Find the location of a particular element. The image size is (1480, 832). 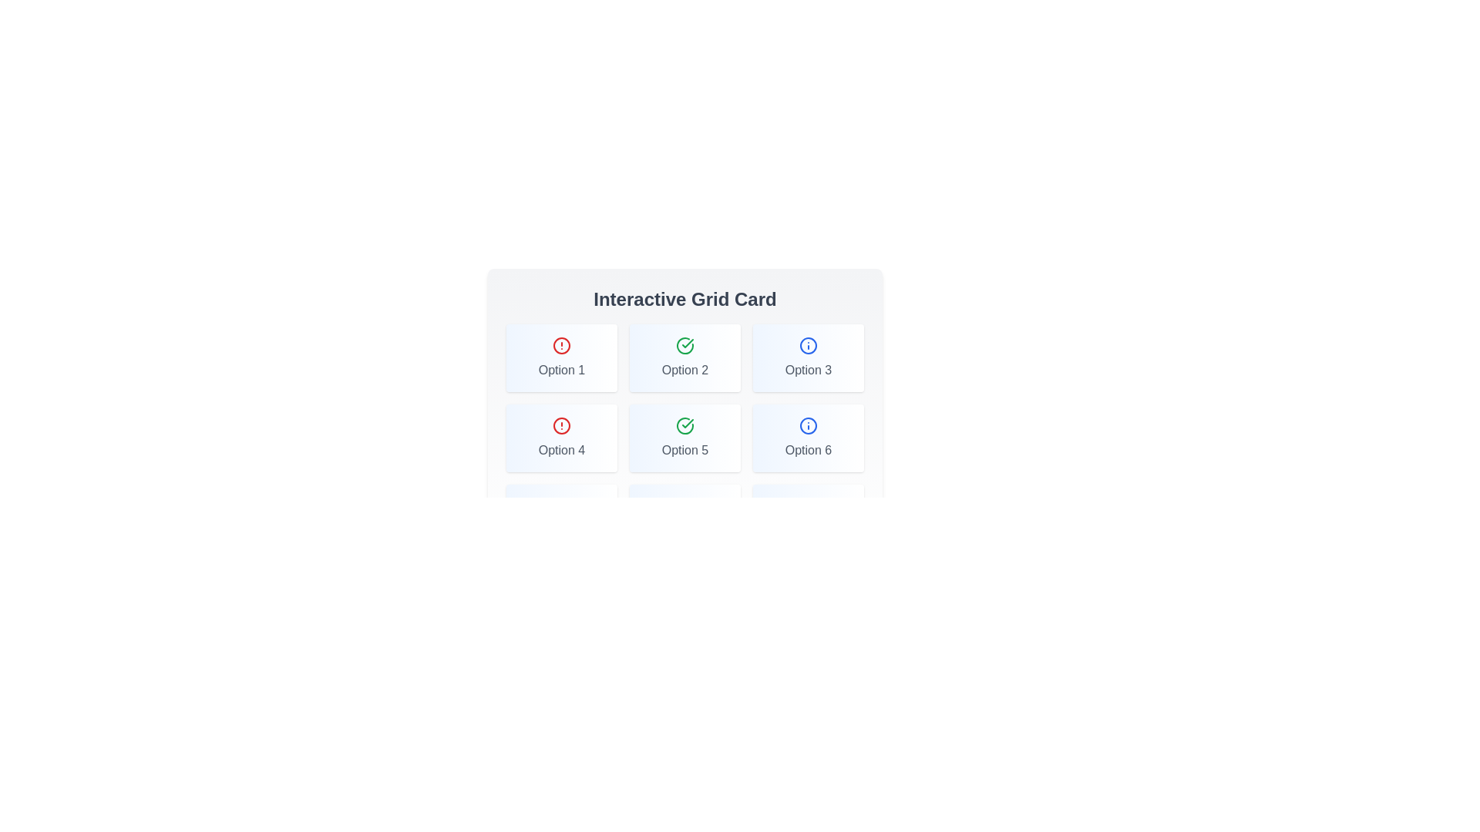

the interactive option selector located in the first row, third column of the grid layout is located at coordinates (808, 358).